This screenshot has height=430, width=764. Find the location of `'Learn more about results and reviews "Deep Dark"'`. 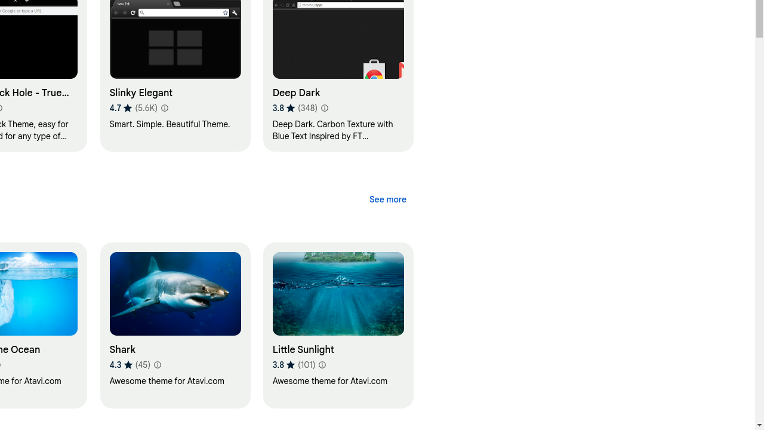

'Learn more about results and reviews "Deep Dark"' is located at coordinates (324, 108).